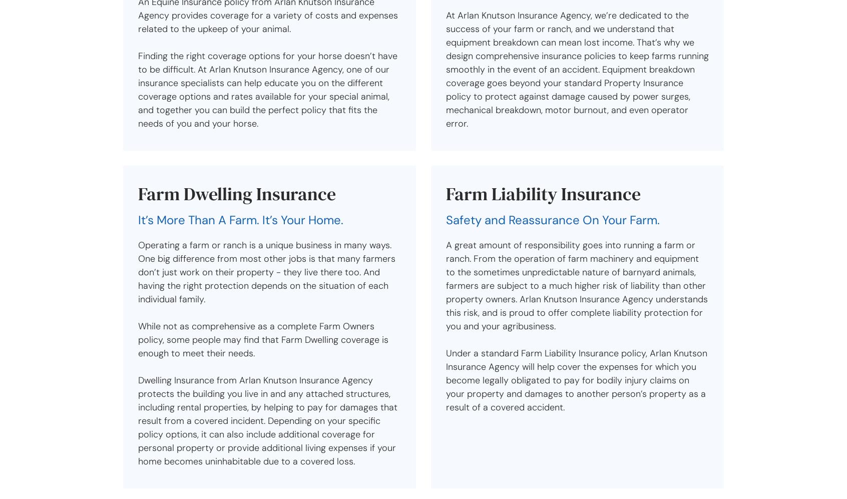 The width and height of the screenshot is (847, 499). What do you see at coordinates (268, 420) in the screenshot?
I see `'Dwelling Insurance from Arlan Knutson Insurance Agency protects the building you live in and any attached structures, including rental properties, by helping to pay for damages that result from a covered incident. Depending on your specific policy options, it can also include additional coverage for personal property or provide additional living expenses if your home becomes uninhabitable due to a covered loss.'` at bounding box center [268, 420].